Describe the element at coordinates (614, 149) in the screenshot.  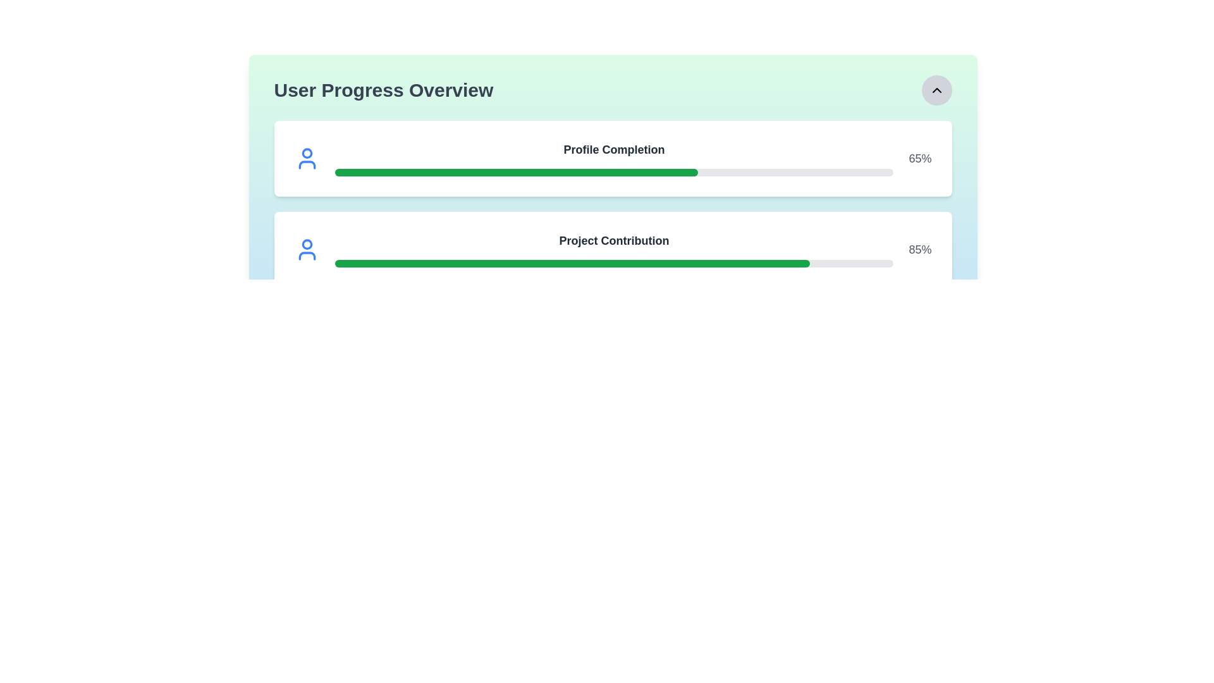
I see `the static text label displaying 'Profile Completion', which is prominently styled with a larger font size and bold dark gray color, located above the green progress bar` at that location.